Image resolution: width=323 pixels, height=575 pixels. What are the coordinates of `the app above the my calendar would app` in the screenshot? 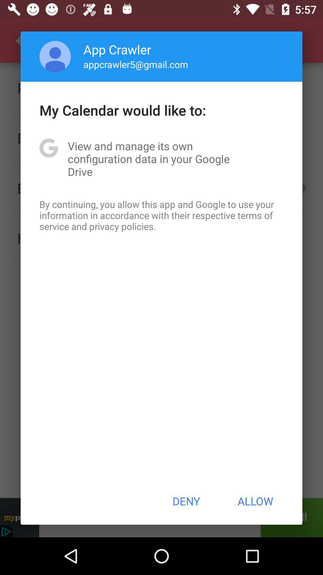 It's located at (136, 64).